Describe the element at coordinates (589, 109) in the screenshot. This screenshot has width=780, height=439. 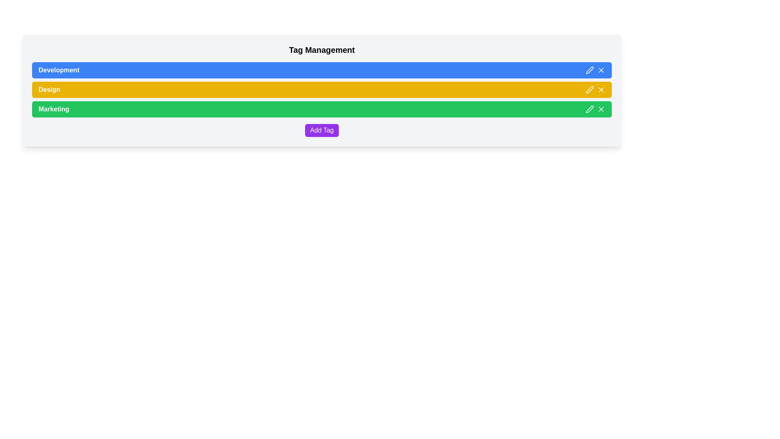
I see `the edit icon button for the 'Marketing' section` at that location.